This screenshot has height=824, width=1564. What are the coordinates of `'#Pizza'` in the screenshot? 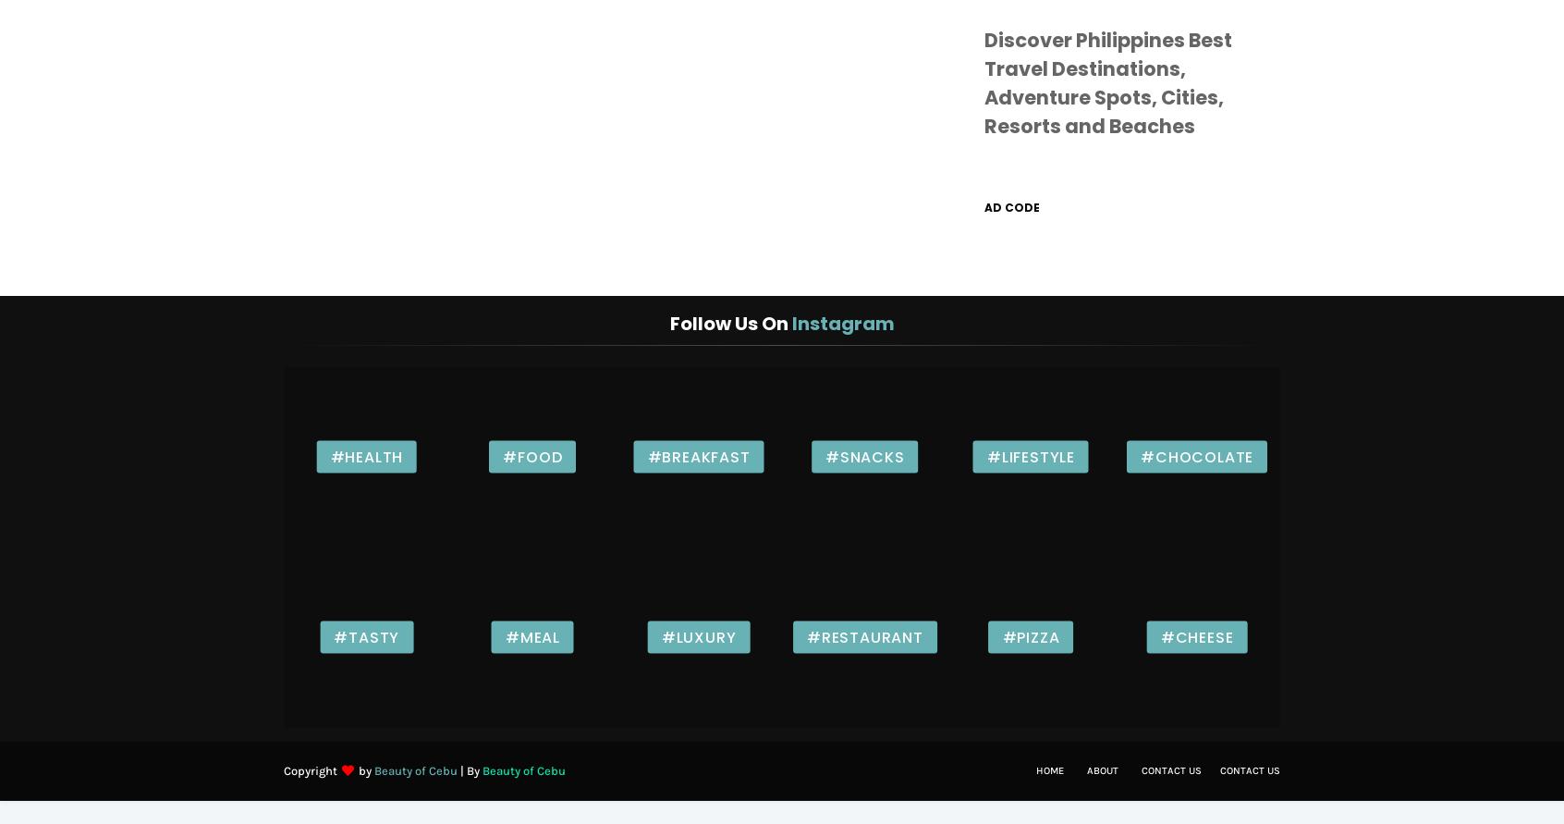 It's located at (1031, 635).